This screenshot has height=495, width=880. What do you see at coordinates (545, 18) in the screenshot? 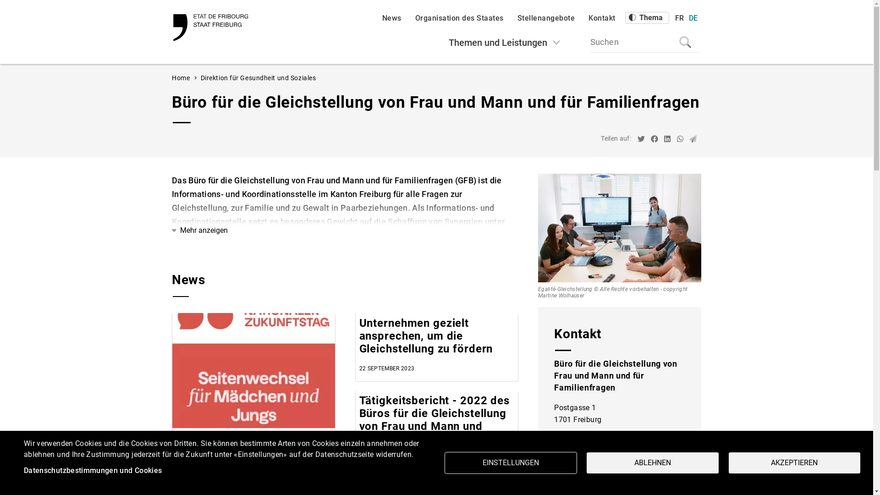
I see `'Stellenangebote'` at bounding box center [545, 18].